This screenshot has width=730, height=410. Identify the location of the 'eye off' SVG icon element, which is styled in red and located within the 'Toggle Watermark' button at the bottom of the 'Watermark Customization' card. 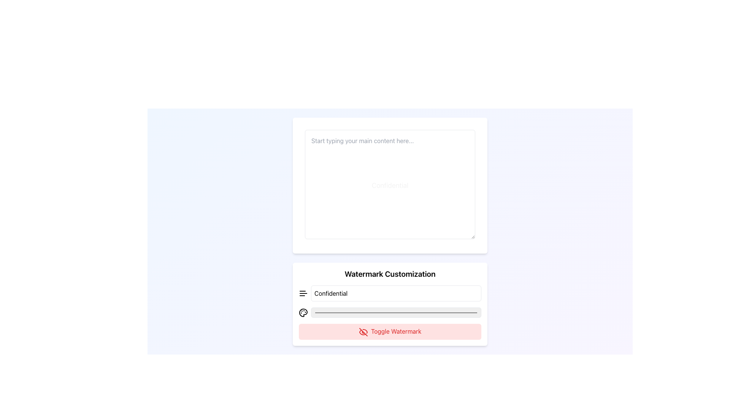
(363, 331).